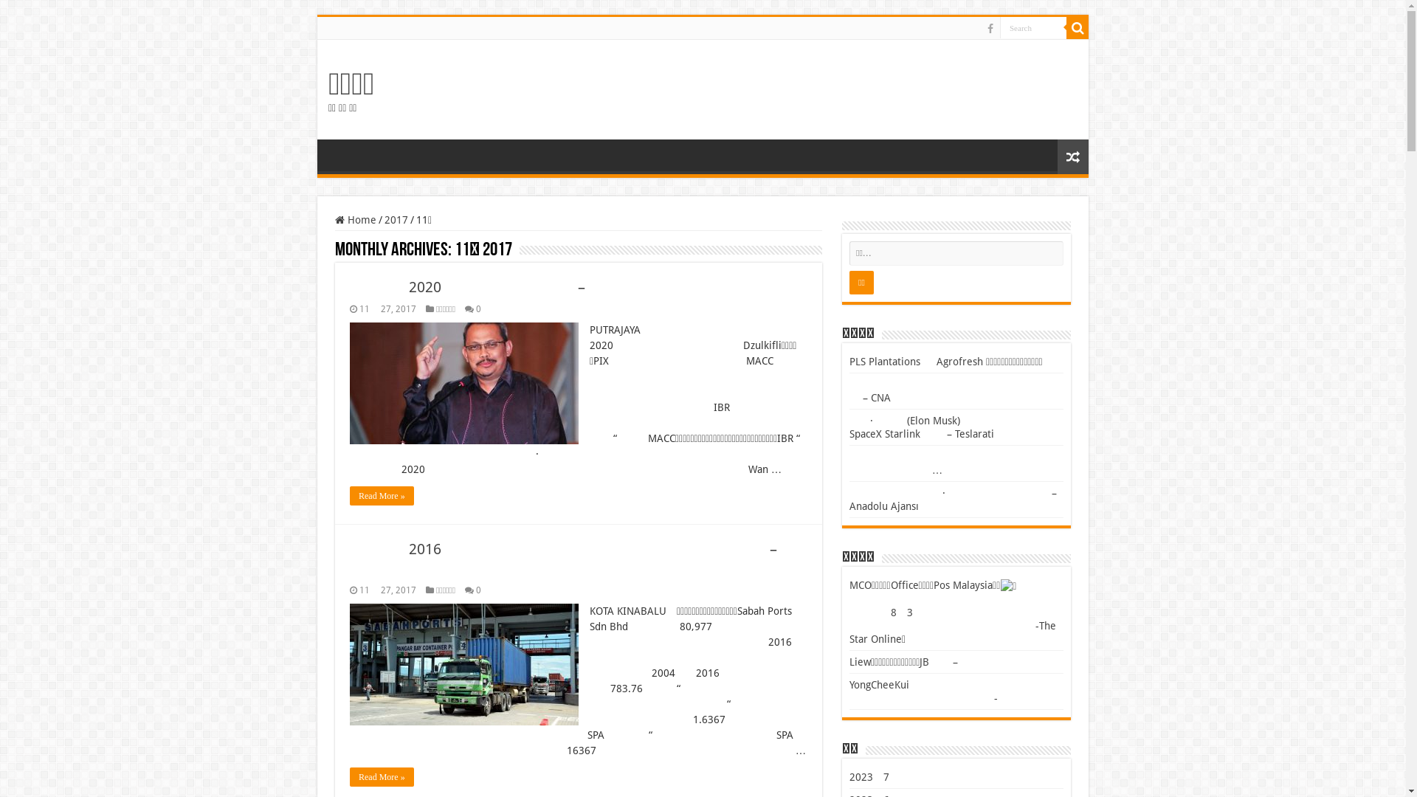 Image resolution: width=1417 pixels, height=797 pixels. I want to click on '2017', so click(396, 219).